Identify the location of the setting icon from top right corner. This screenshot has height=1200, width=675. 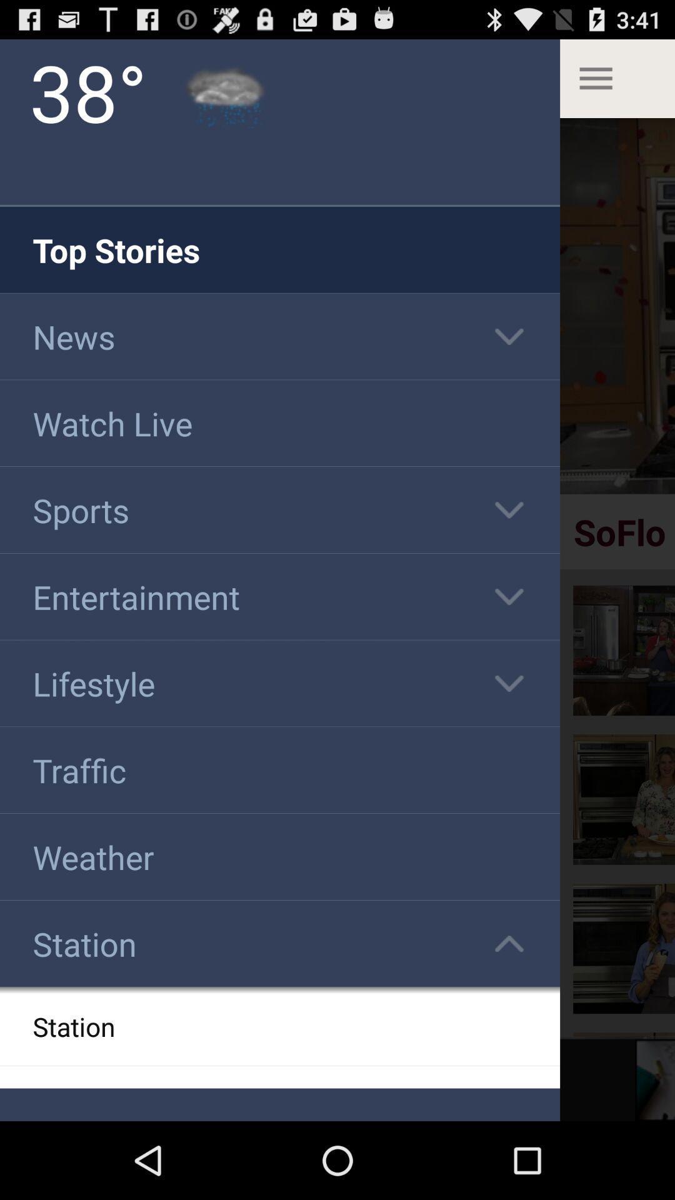
(616, 77).